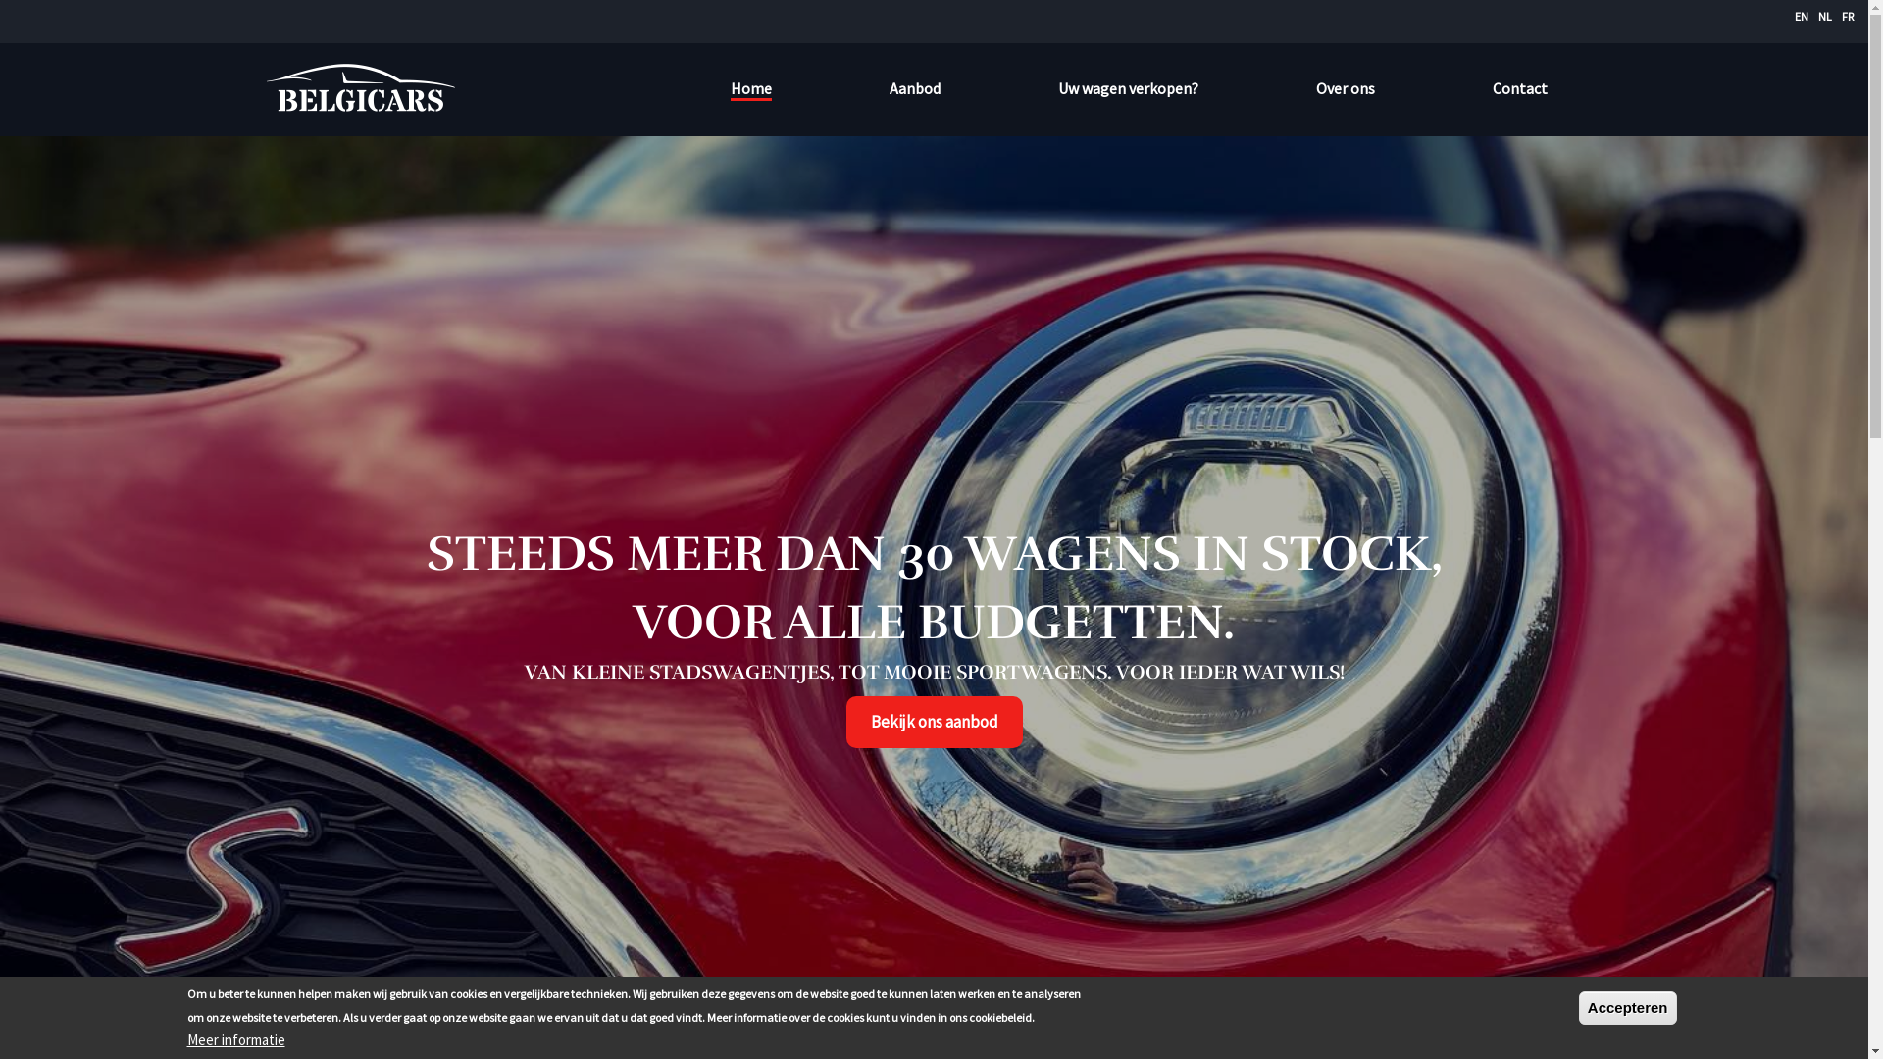 This screenshot has width=1883, height=1059. What do you see at coordinates (1628, 1008) in the screenshot?
I see `'Accepteren'` at bounding box center [1628, 1008].